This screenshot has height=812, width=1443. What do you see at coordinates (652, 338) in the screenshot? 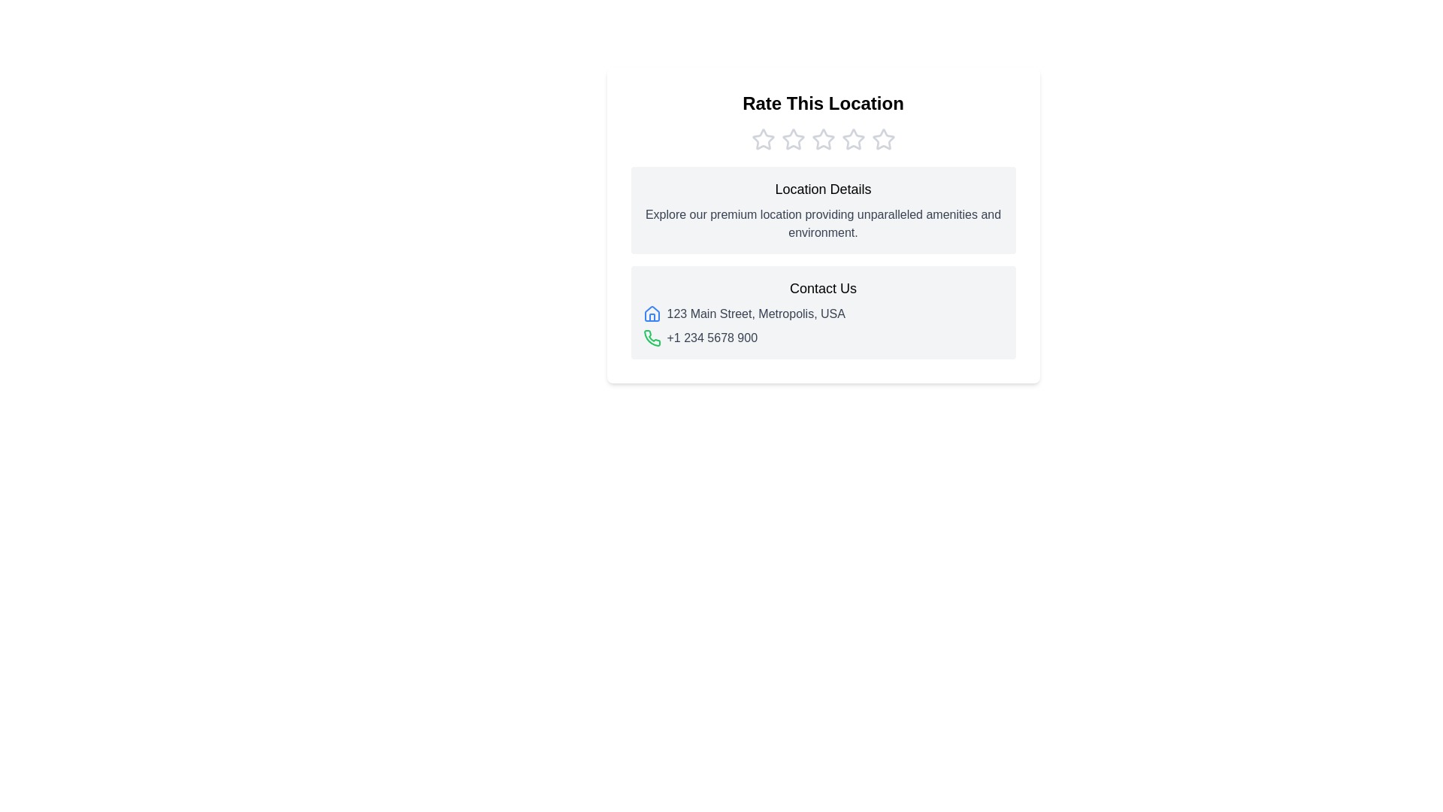
I see `the green phone receiver icon located beside the phone number '+1 234 5678 900' in the 'Contact Us' section` at bounding box center [652, 338].